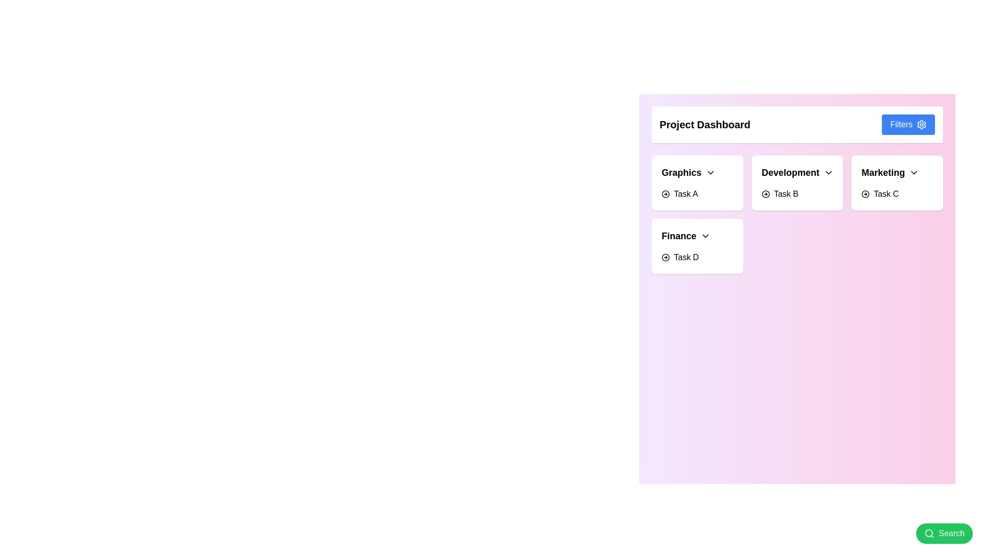 The image size is (981, 552). What do you see at coordinates (951, 533) in the screenshot?
I see `the text label within the search button located in the bottom-right corner of the interface to verbally indicate its presence` at bounding box center [951, 533].